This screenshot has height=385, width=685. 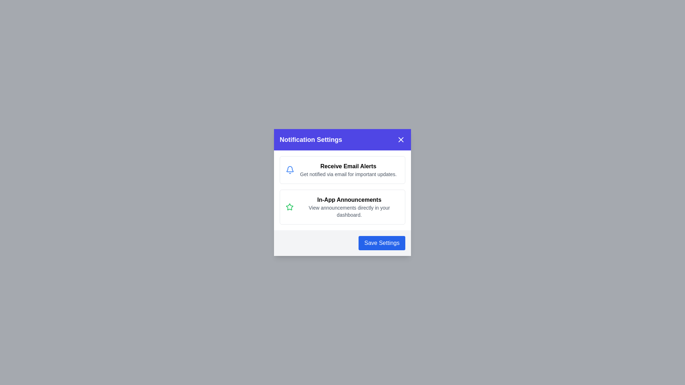 I want to click on the text element Get notified via email for important updates. to enable selection or copying, so click(x=348, y=174).